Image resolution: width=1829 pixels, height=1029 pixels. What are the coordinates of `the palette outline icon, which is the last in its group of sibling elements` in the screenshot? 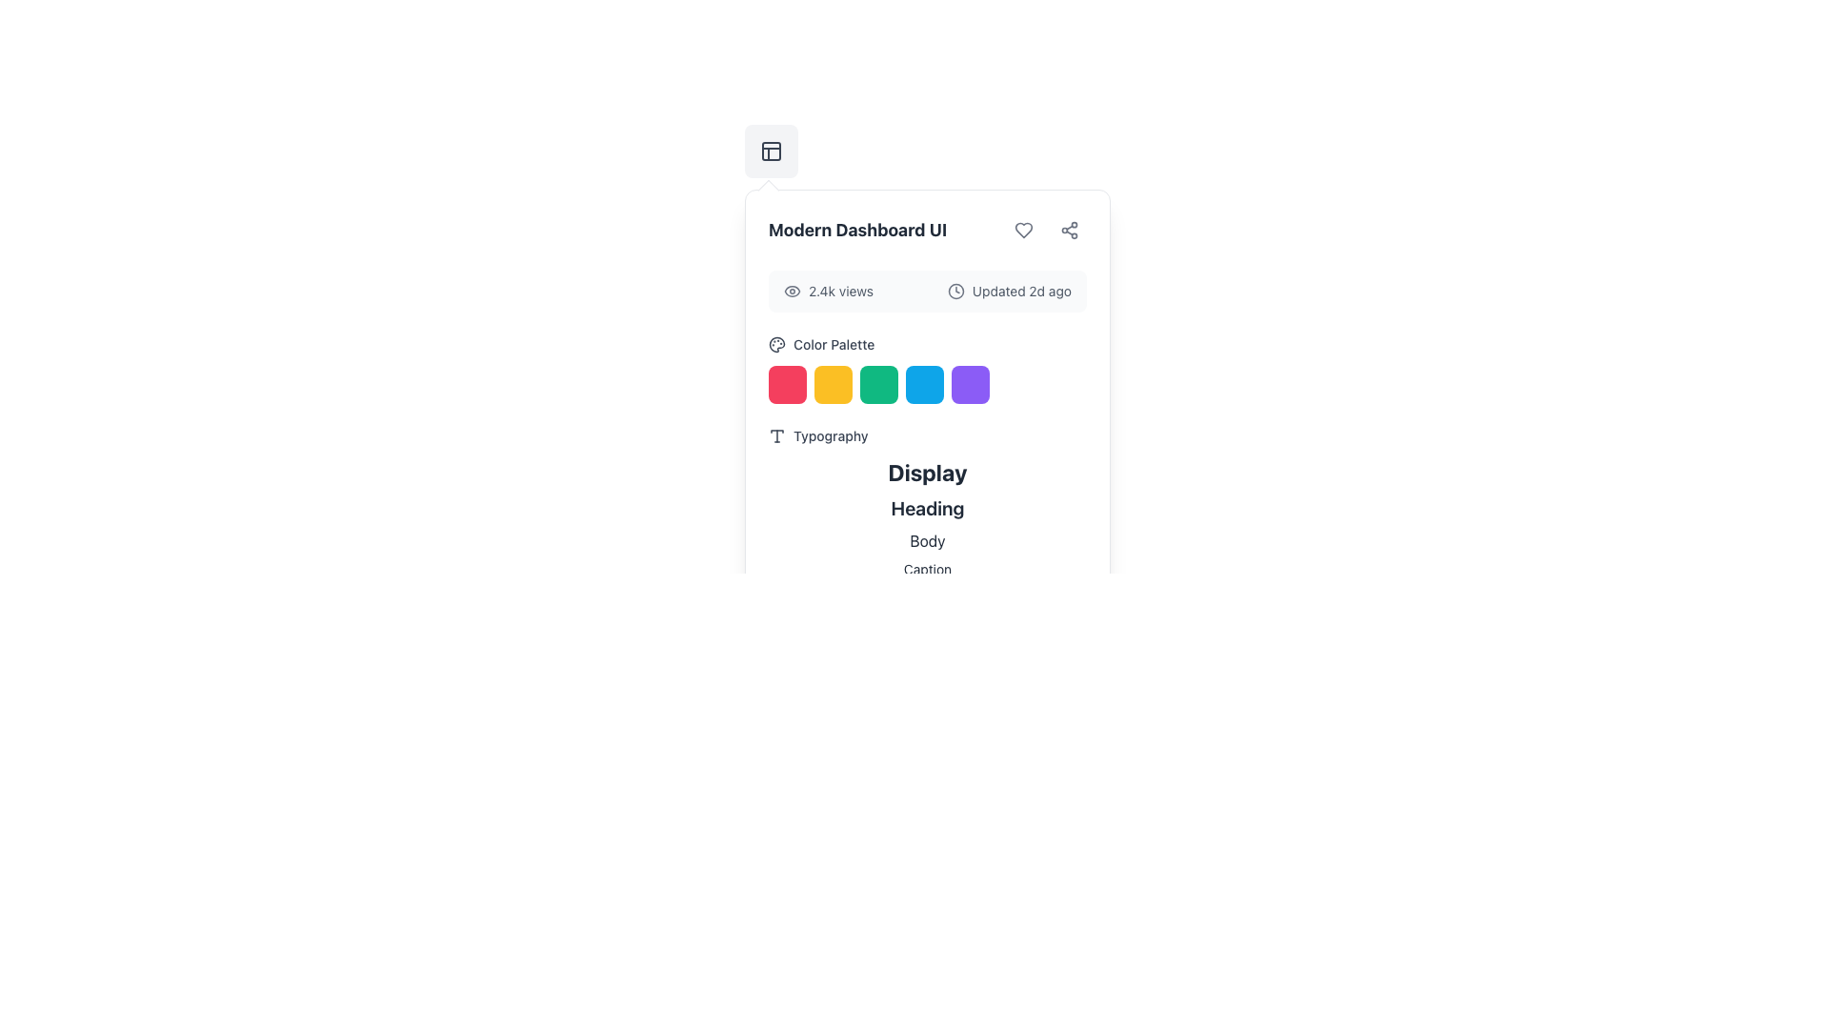 It's located at (776, 345).